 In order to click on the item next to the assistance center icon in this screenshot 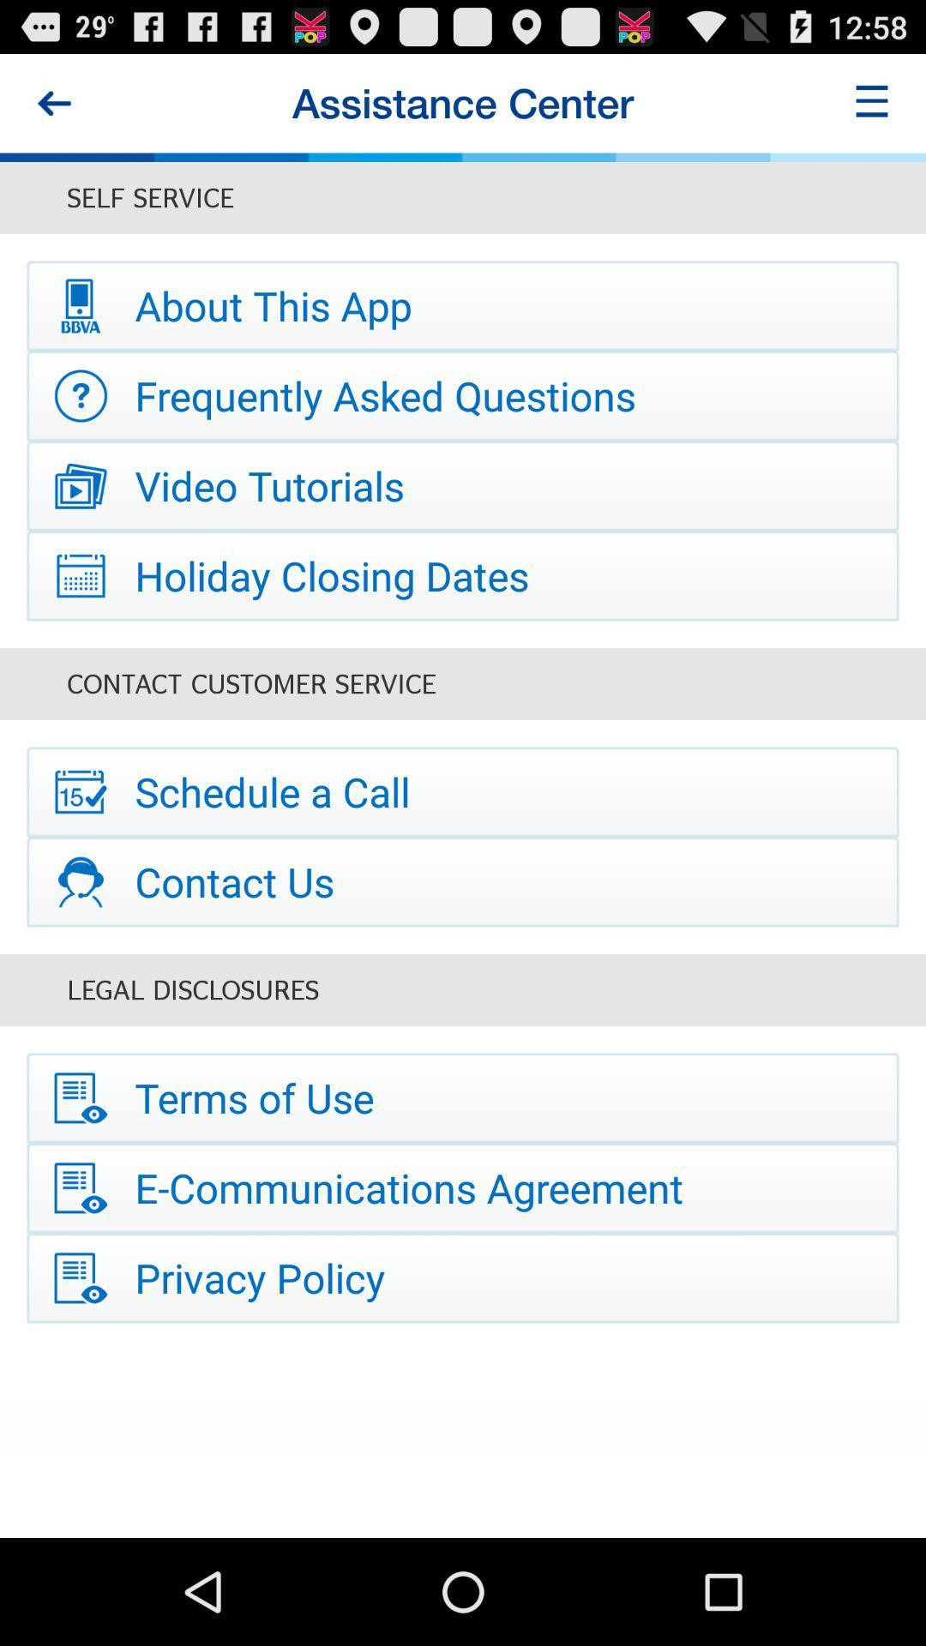, I will do `click(52, 102)`.